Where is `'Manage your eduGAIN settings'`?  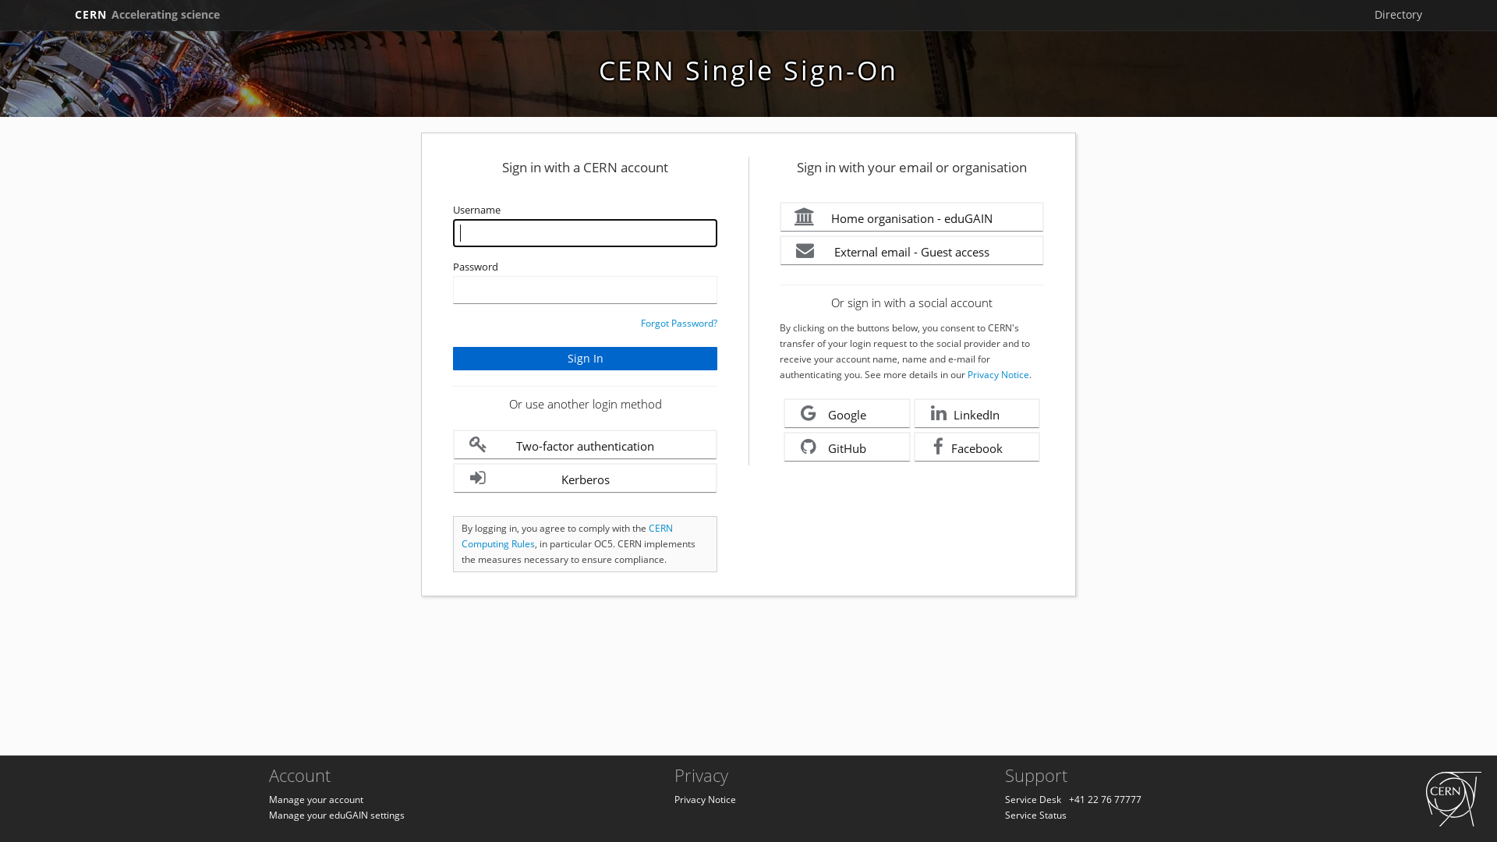 'Manage your eduGAIN settings' is located at coordinates (269, 814).